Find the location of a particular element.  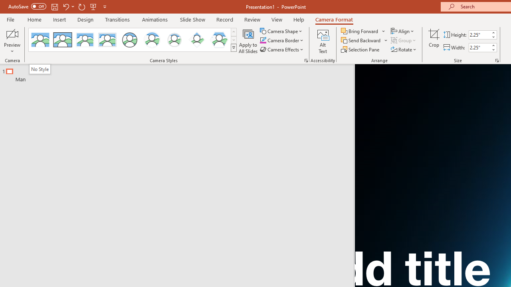

'Center Shadow Hexagon' is located at coordinates (219, 40).